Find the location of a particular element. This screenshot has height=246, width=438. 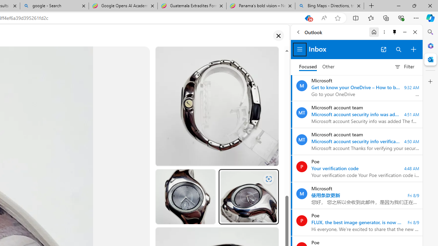

'Focused' is located at coordinates (308, 67).